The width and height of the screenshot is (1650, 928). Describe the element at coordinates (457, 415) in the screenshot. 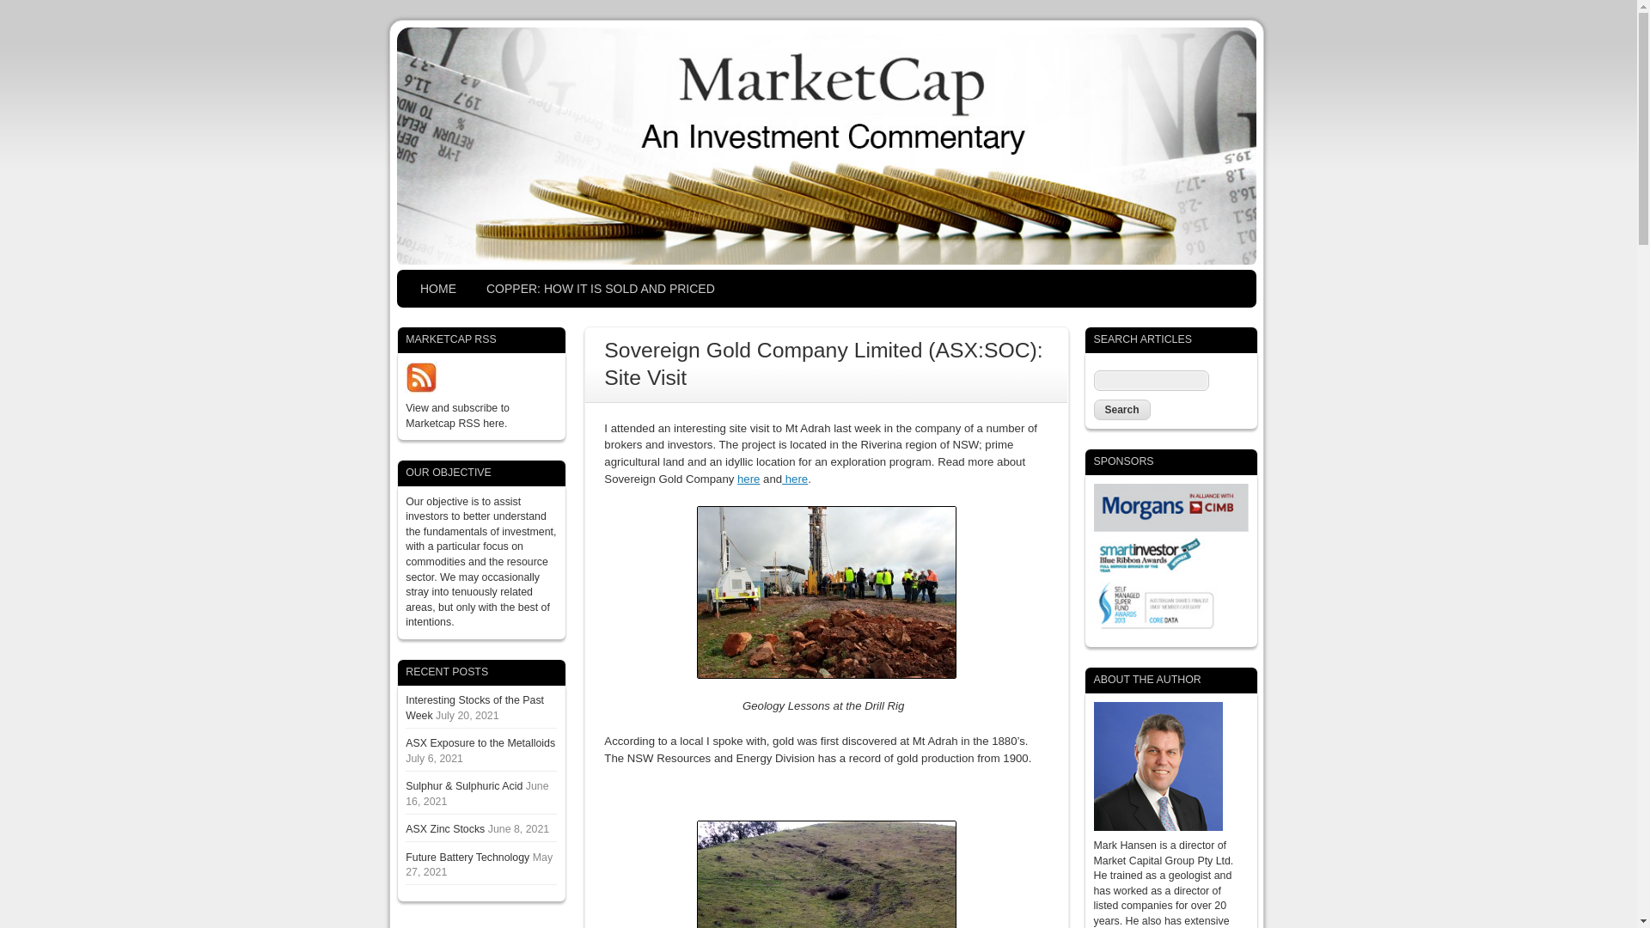

I see `'View and subscribe to Marketcap RSS here.'` at that location.